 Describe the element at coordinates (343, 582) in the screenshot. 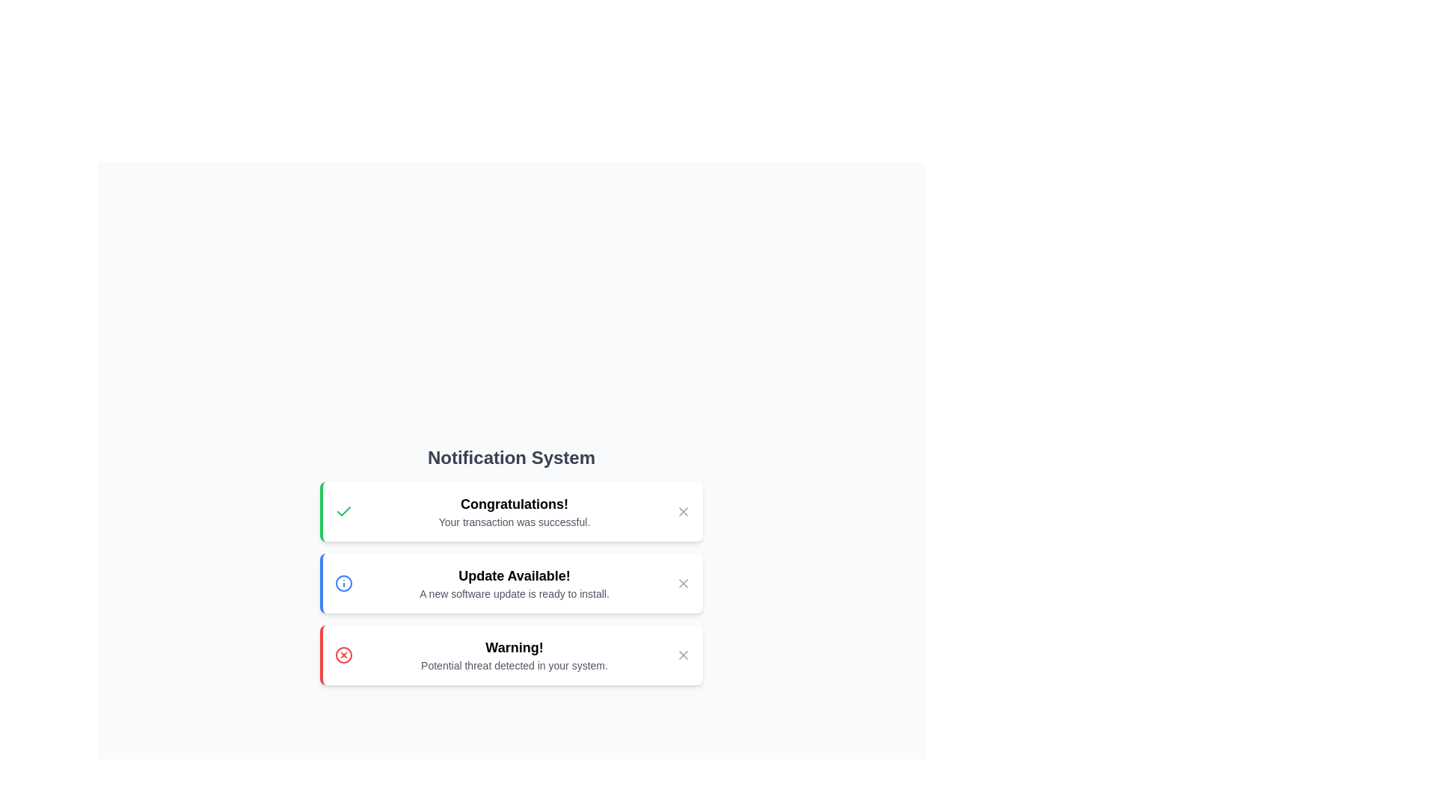

I see `the circular informational icon with a blue border located at the upper-left corner of the notification card that states 'Update Available! A new software update is ready to install.'` at that location.